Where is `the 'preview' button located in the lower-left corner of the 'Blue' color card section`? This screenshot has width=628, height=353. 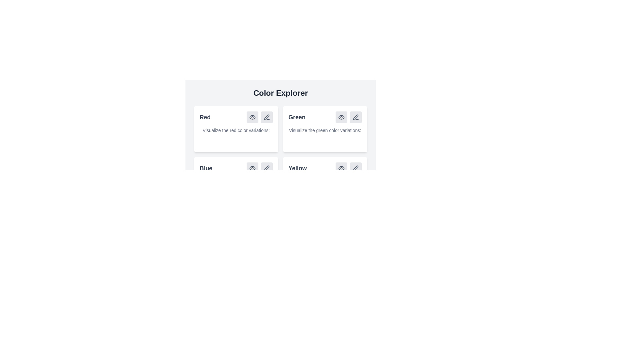 the 'preview' button located in the lower-left corner of the 'Blue' color card section is located at coordinates (252, 168).